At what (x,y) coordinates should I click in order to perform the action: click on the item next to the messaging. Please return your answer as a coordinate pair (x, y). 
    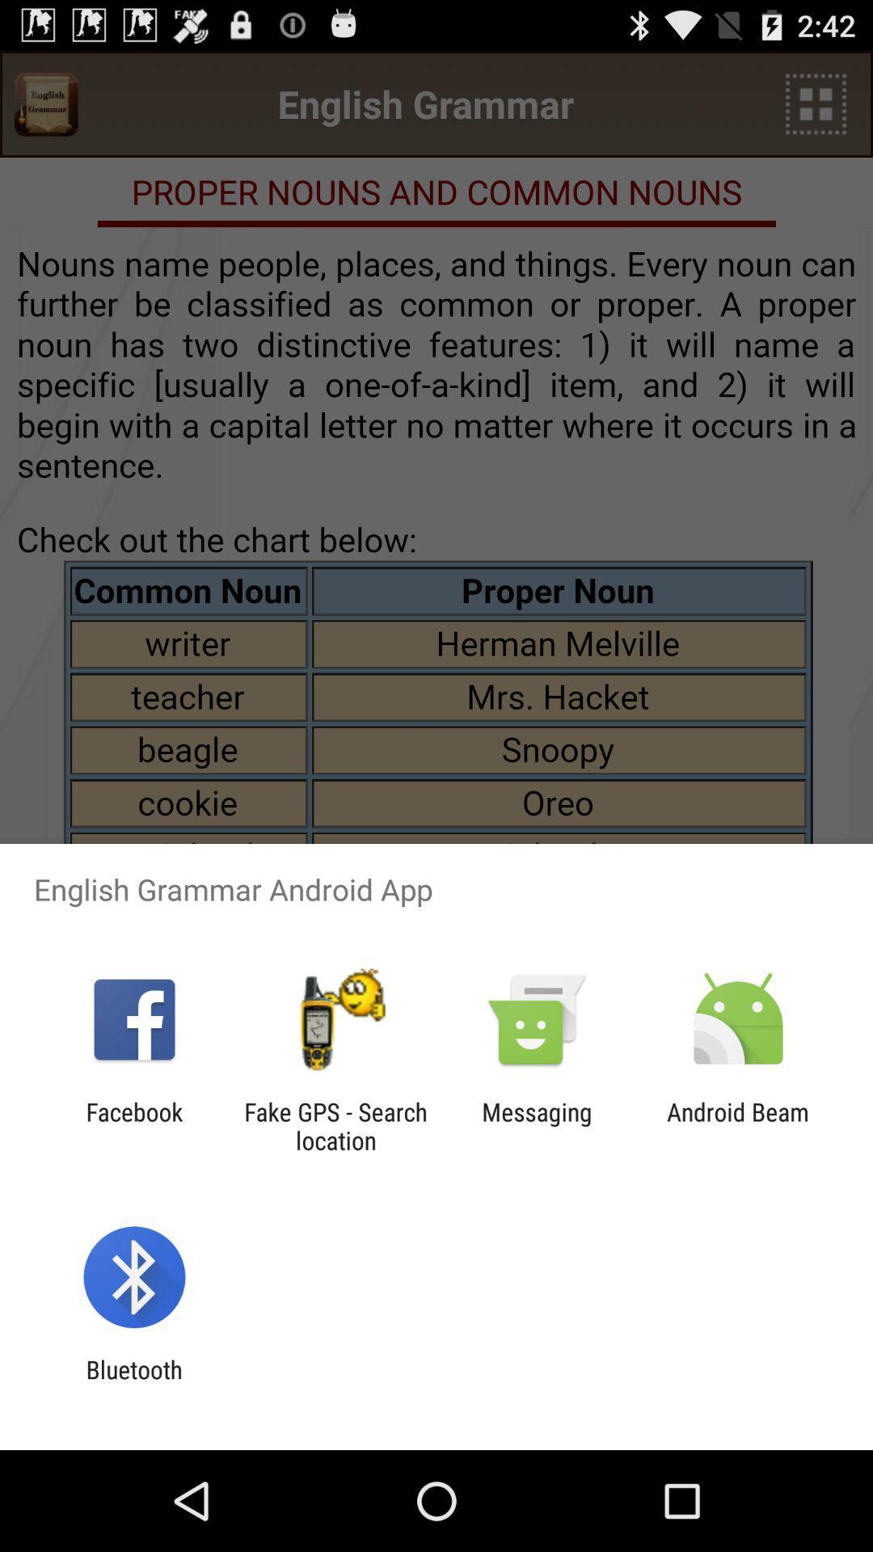
    Looking at the image, I should click on (738, 1125).